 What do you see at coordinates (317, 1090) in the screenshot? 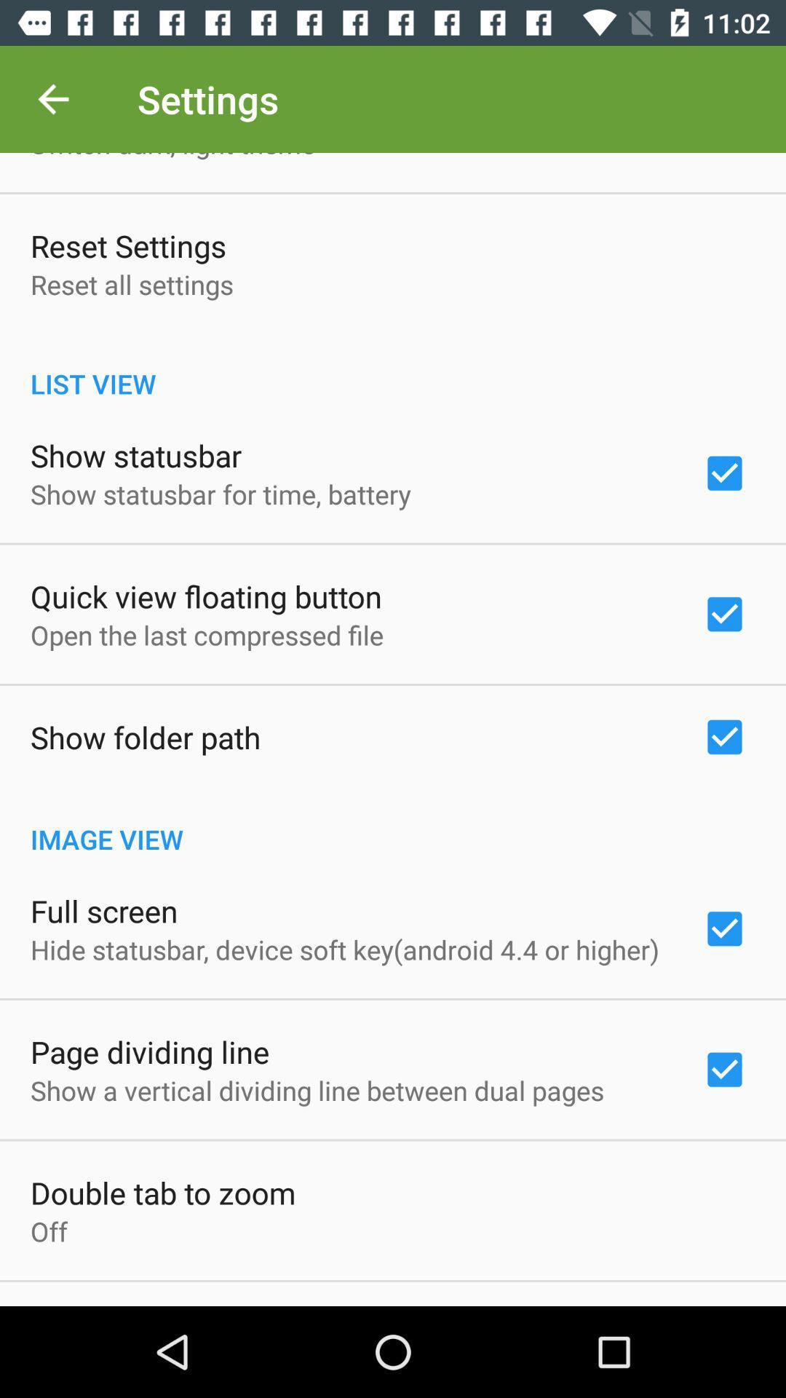
I see `show a vertical item` at bounding box center [317, 1090].